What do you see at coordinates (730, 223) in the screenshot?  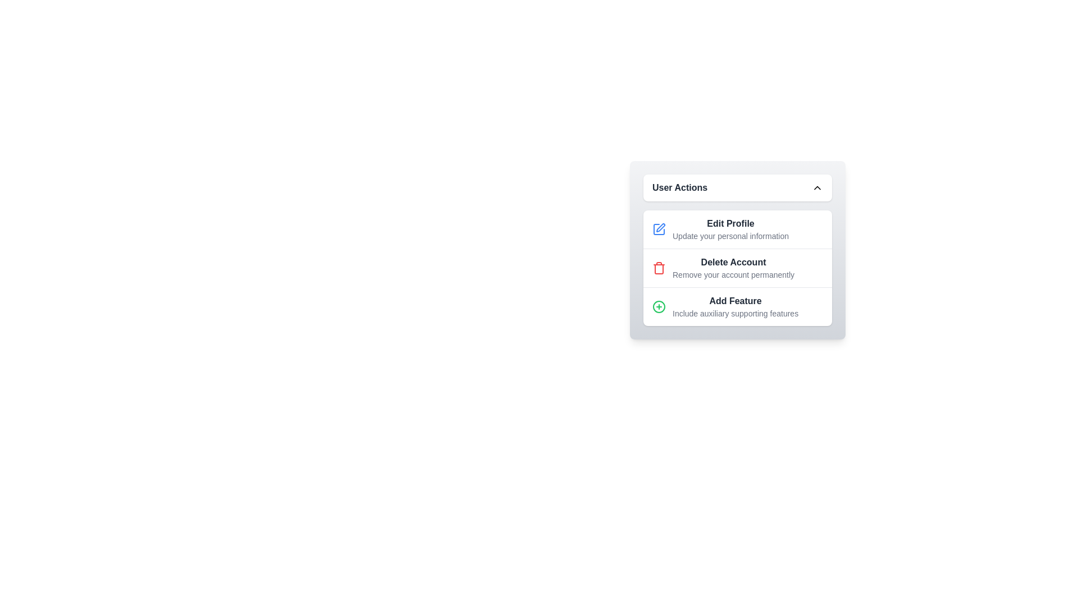 I see `the 'Edit Profile' text label, which is styled with a bold font and grayish-black color, located in the 'User Actions' panel` at bounding box center [730, 223].